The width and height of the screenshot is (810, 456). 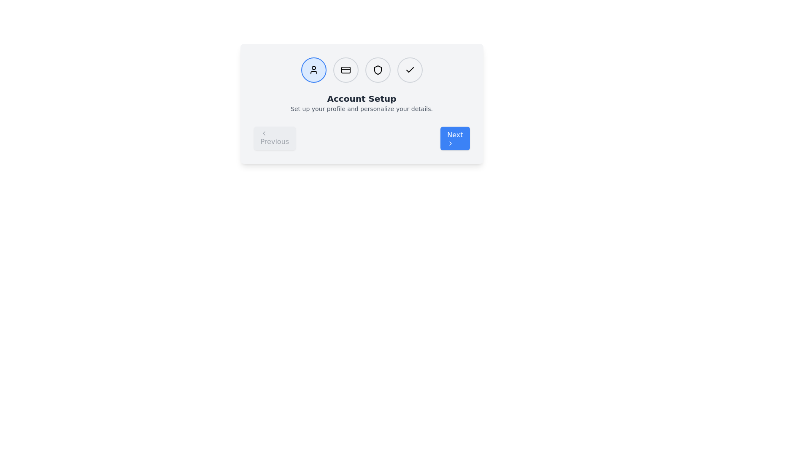 What do you see at coordinates (410, 69) in the screenshot?
I see `the checkmark icon indicating completion or selection in the top-right area of the icon sequence above the 'Account Setup' label` at bounding box center [410, 69].